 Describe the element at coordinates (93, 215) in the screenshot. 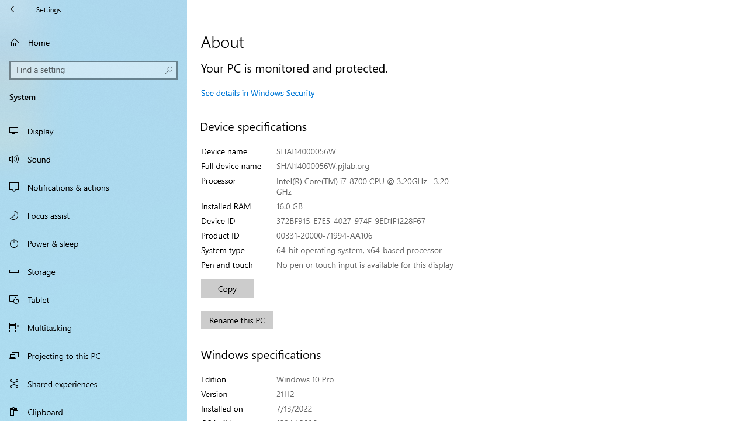

I see `'Focus assist'` at that location.